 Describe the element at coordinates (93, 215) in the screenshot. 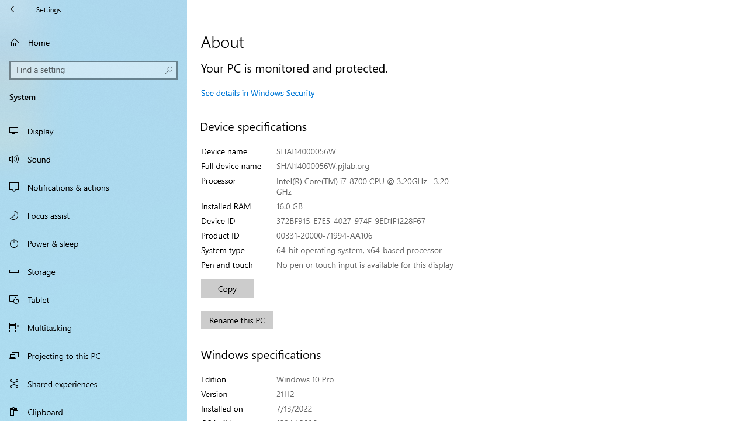

I see `'Focus assist'` at that location.